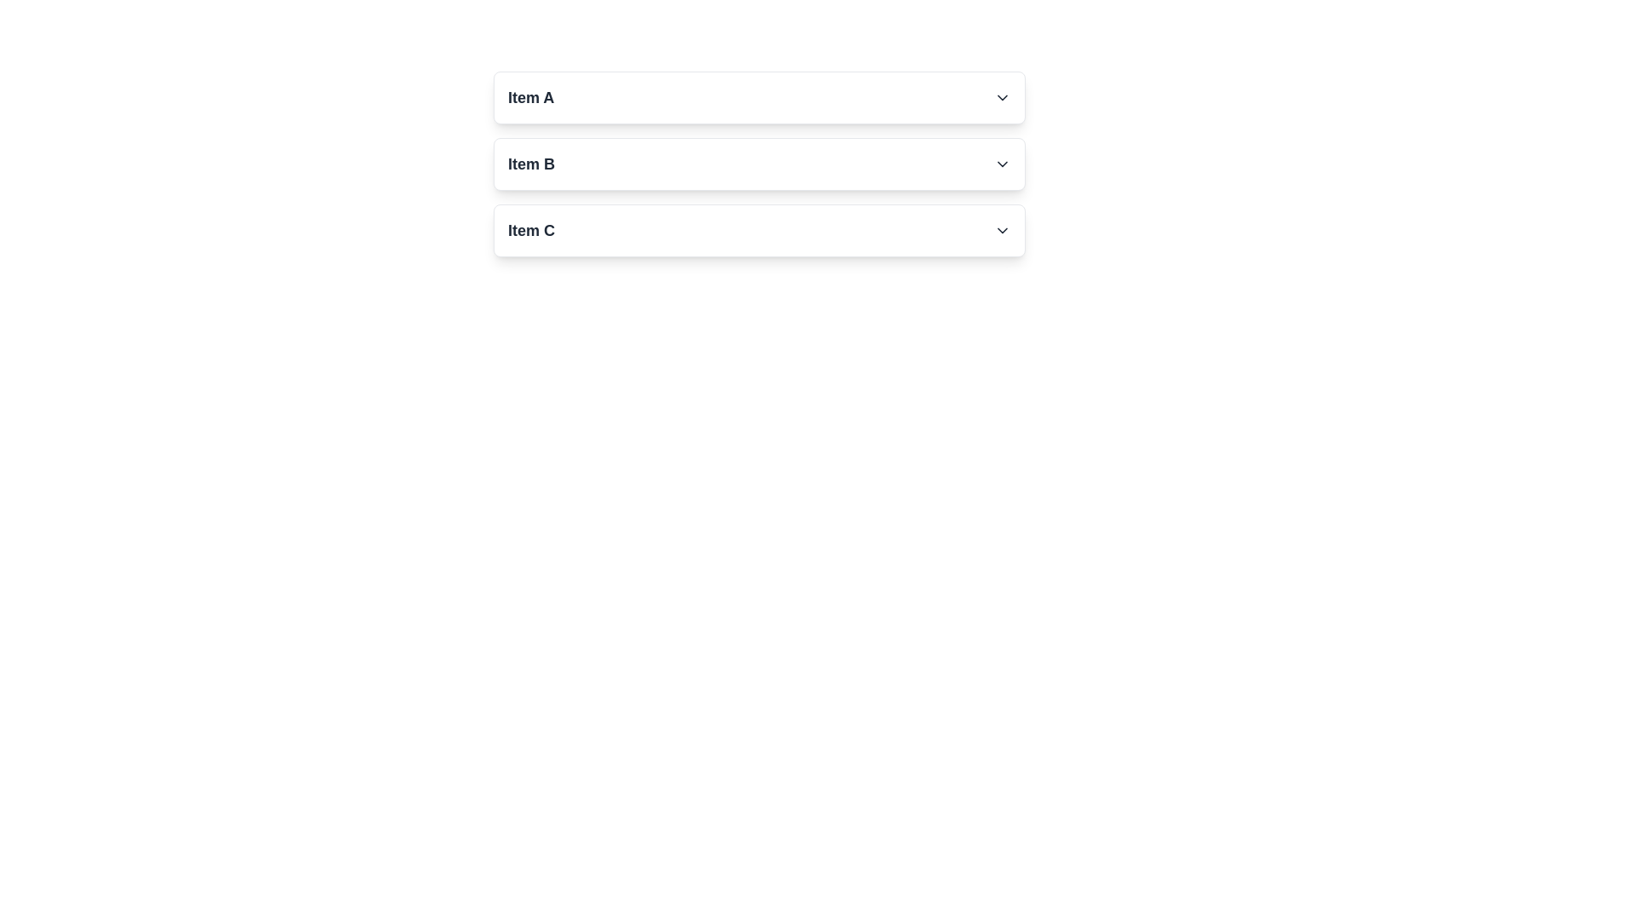  Describe the element at coordinates (1003, 164) in the screenshot. I see `the button located at the far-right edge of the 'Item B' section` at that location.